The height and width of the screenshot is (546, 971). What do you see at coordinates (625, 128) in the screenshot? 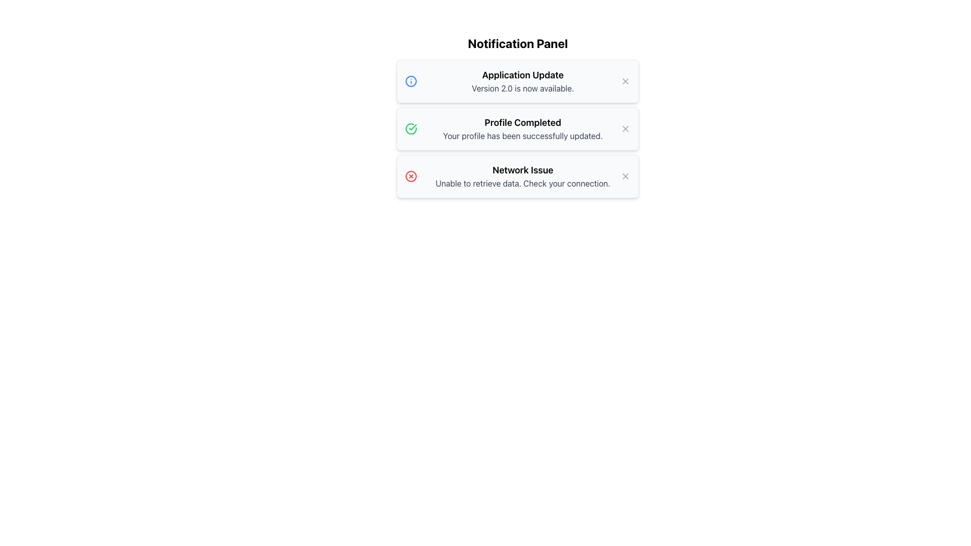
I see `the close button located at the far right side of the second notification card, next to the text 'Your profile has been successfully updated,' to change its color` at bounding box center [625, 128].